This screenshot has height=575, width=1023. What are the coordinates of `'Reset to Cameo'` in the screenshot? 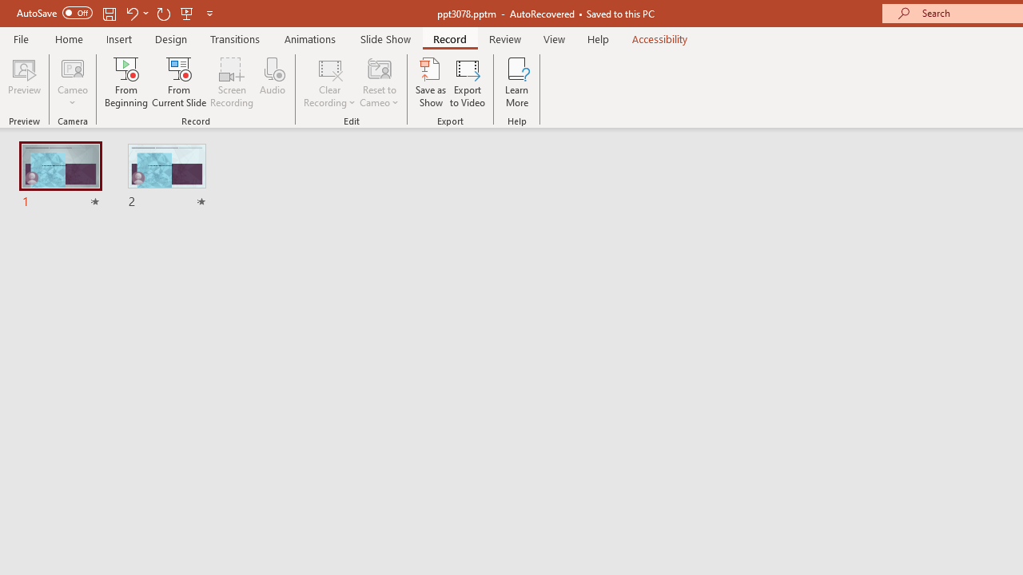 It's located at (378, 82).